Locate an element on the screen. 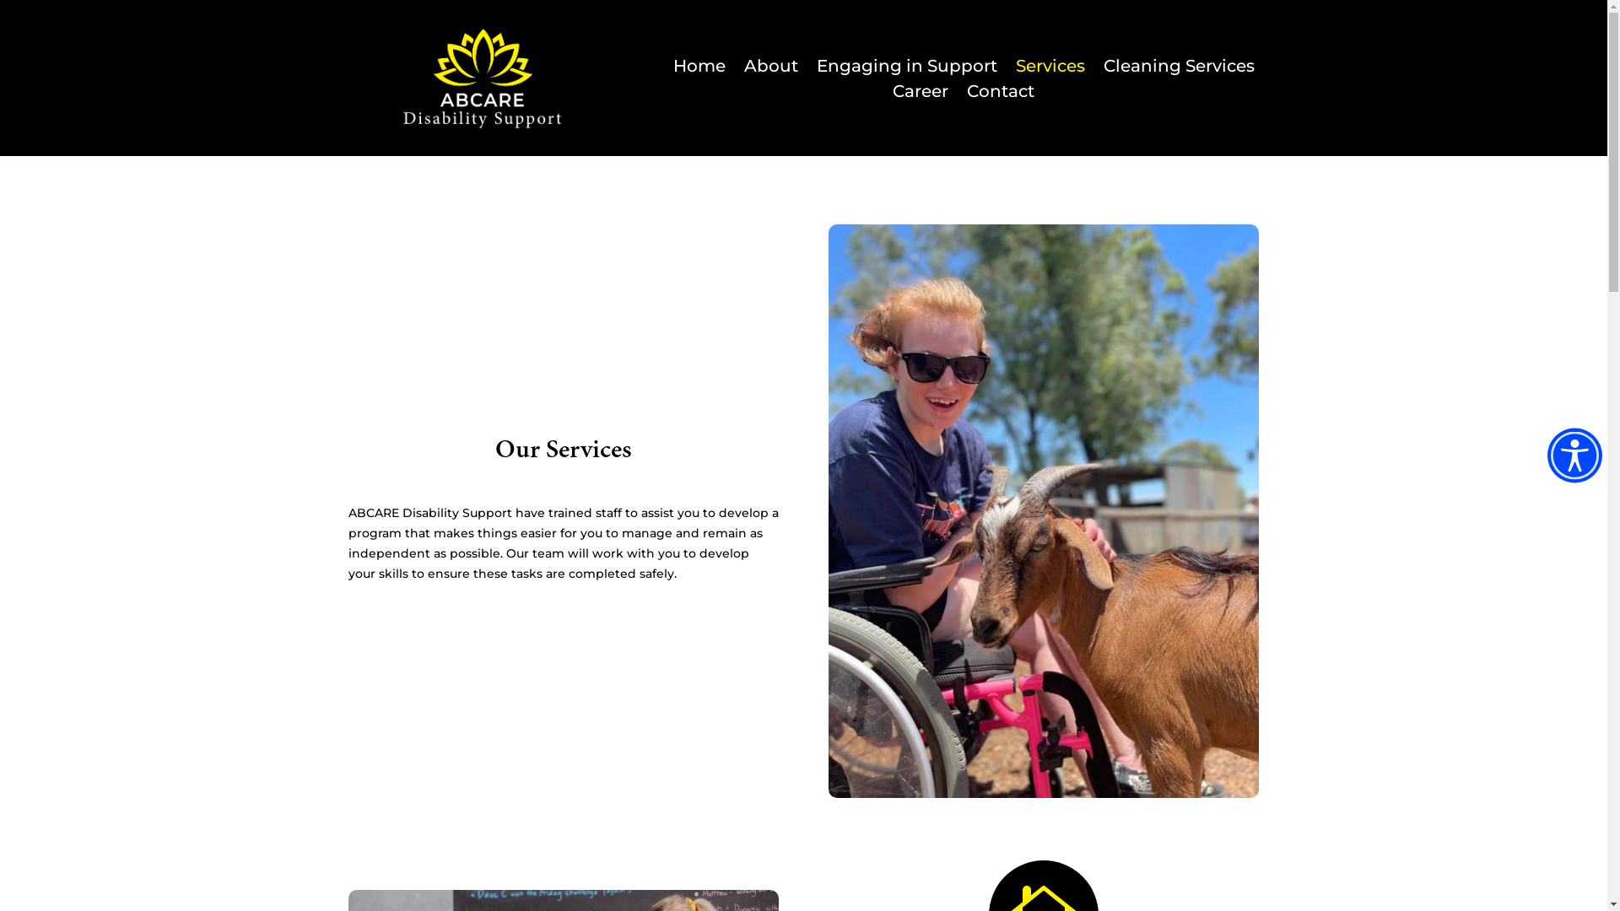  'Career' is located at coordinates (919, 94).